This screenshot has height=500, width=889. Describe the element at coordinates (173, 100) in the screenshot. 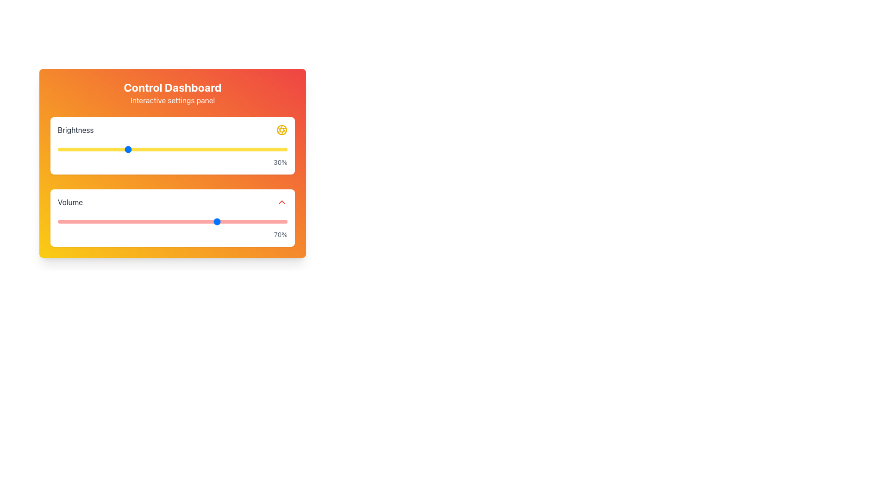

I see `text label displaying 'Interactive settings panel' located beneath the title 'Control Dashboard' in the top banner of the panel` at that location.